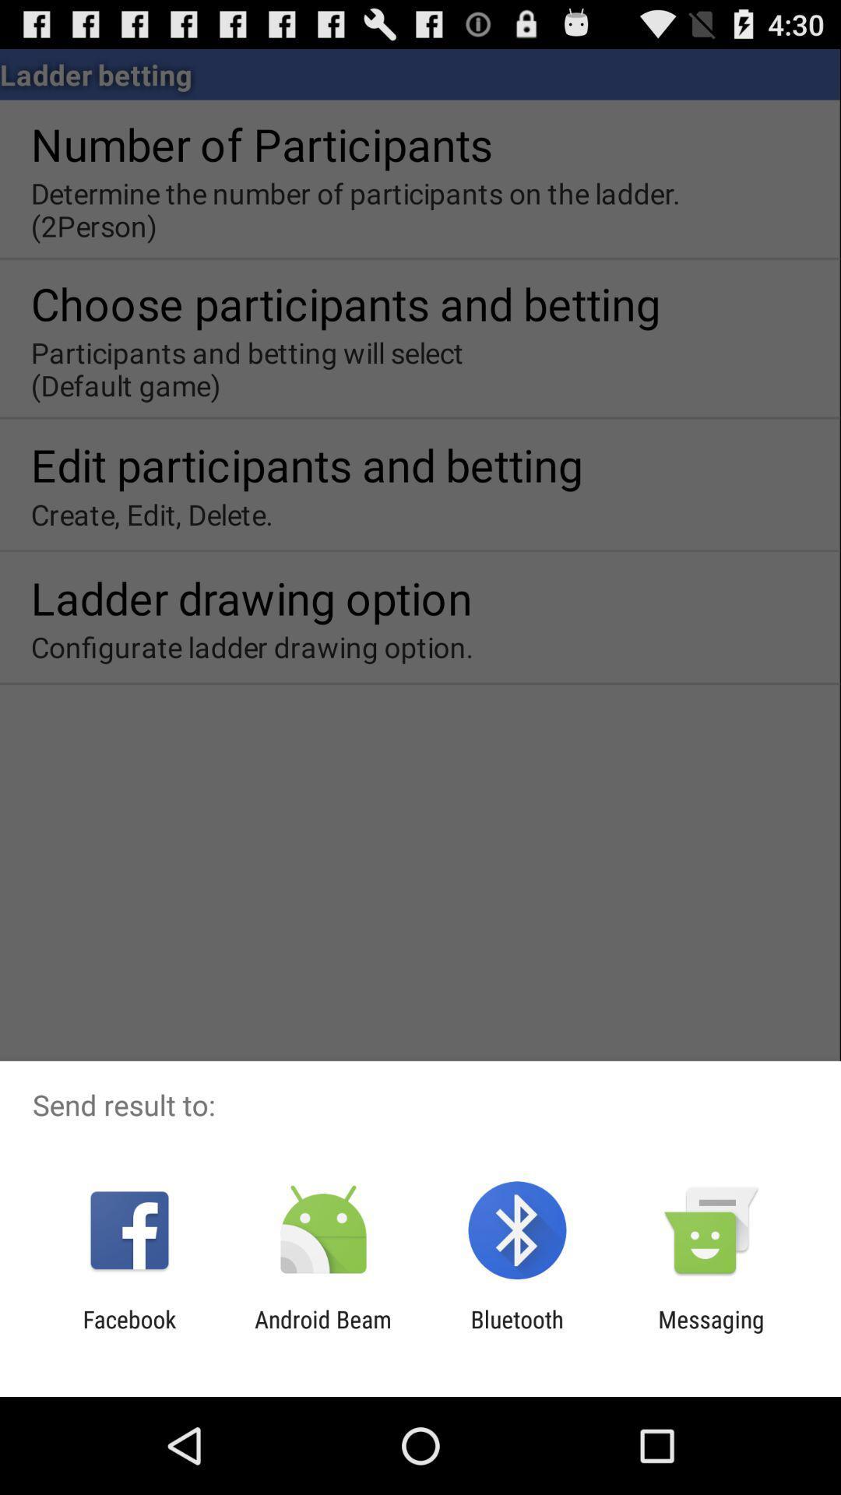  Describe the element at coordinates (322, 1332) in the screenshot. I see `the android beam` at that location.